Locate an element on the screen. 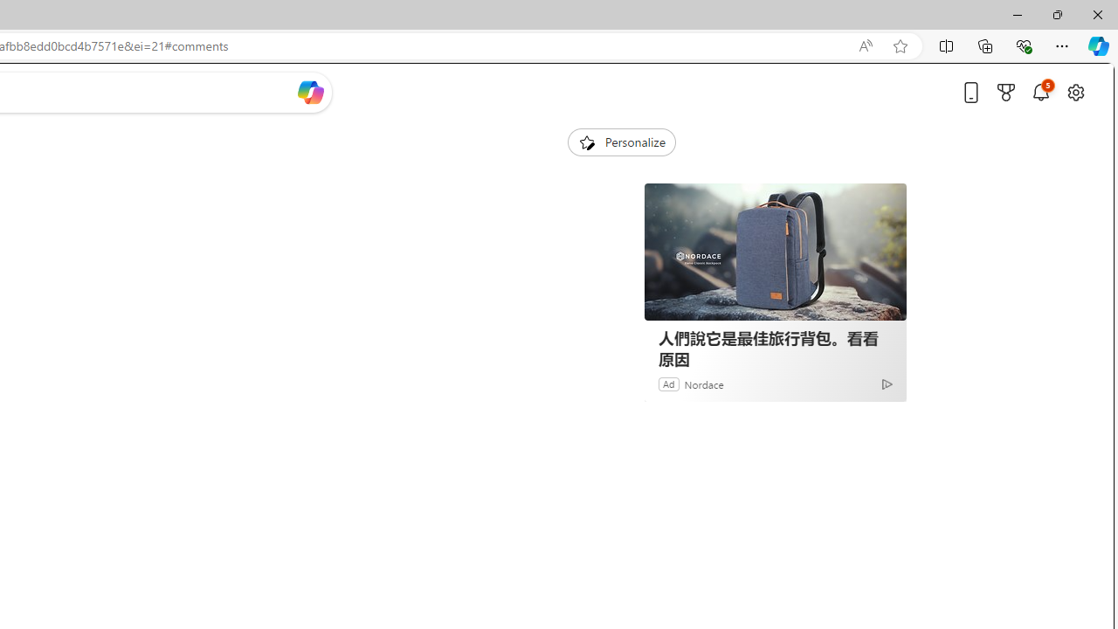 The image size is (1118, 629). 'Open settings' is located at coordinates (1075, 92).